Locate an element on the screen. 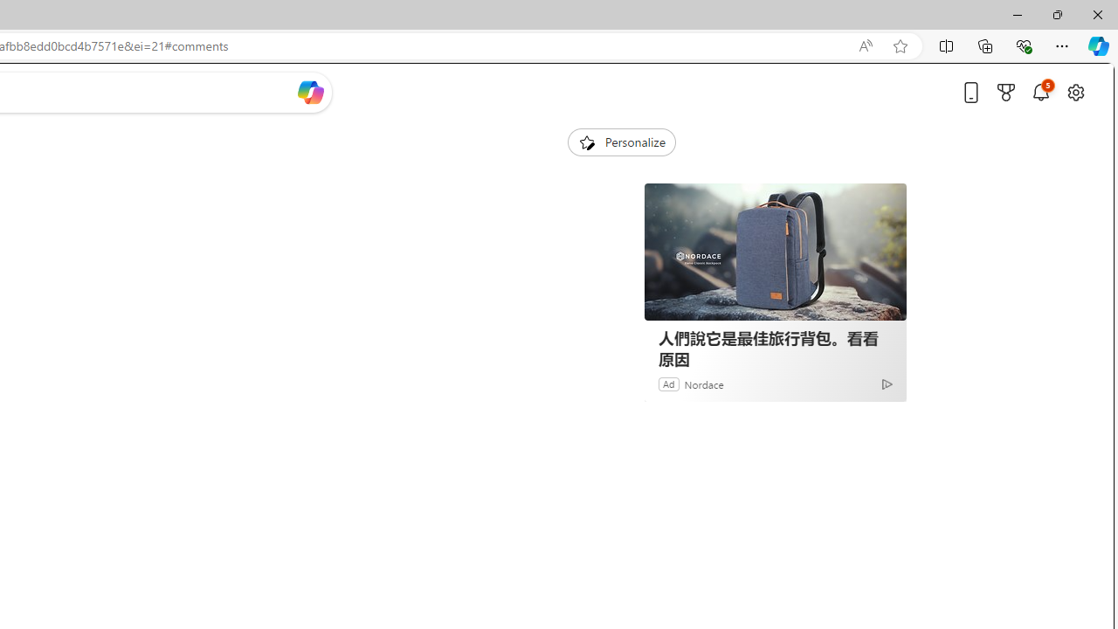 The image size is (1118, 629). 'Open settings' is located at coordinates (1075, 92).